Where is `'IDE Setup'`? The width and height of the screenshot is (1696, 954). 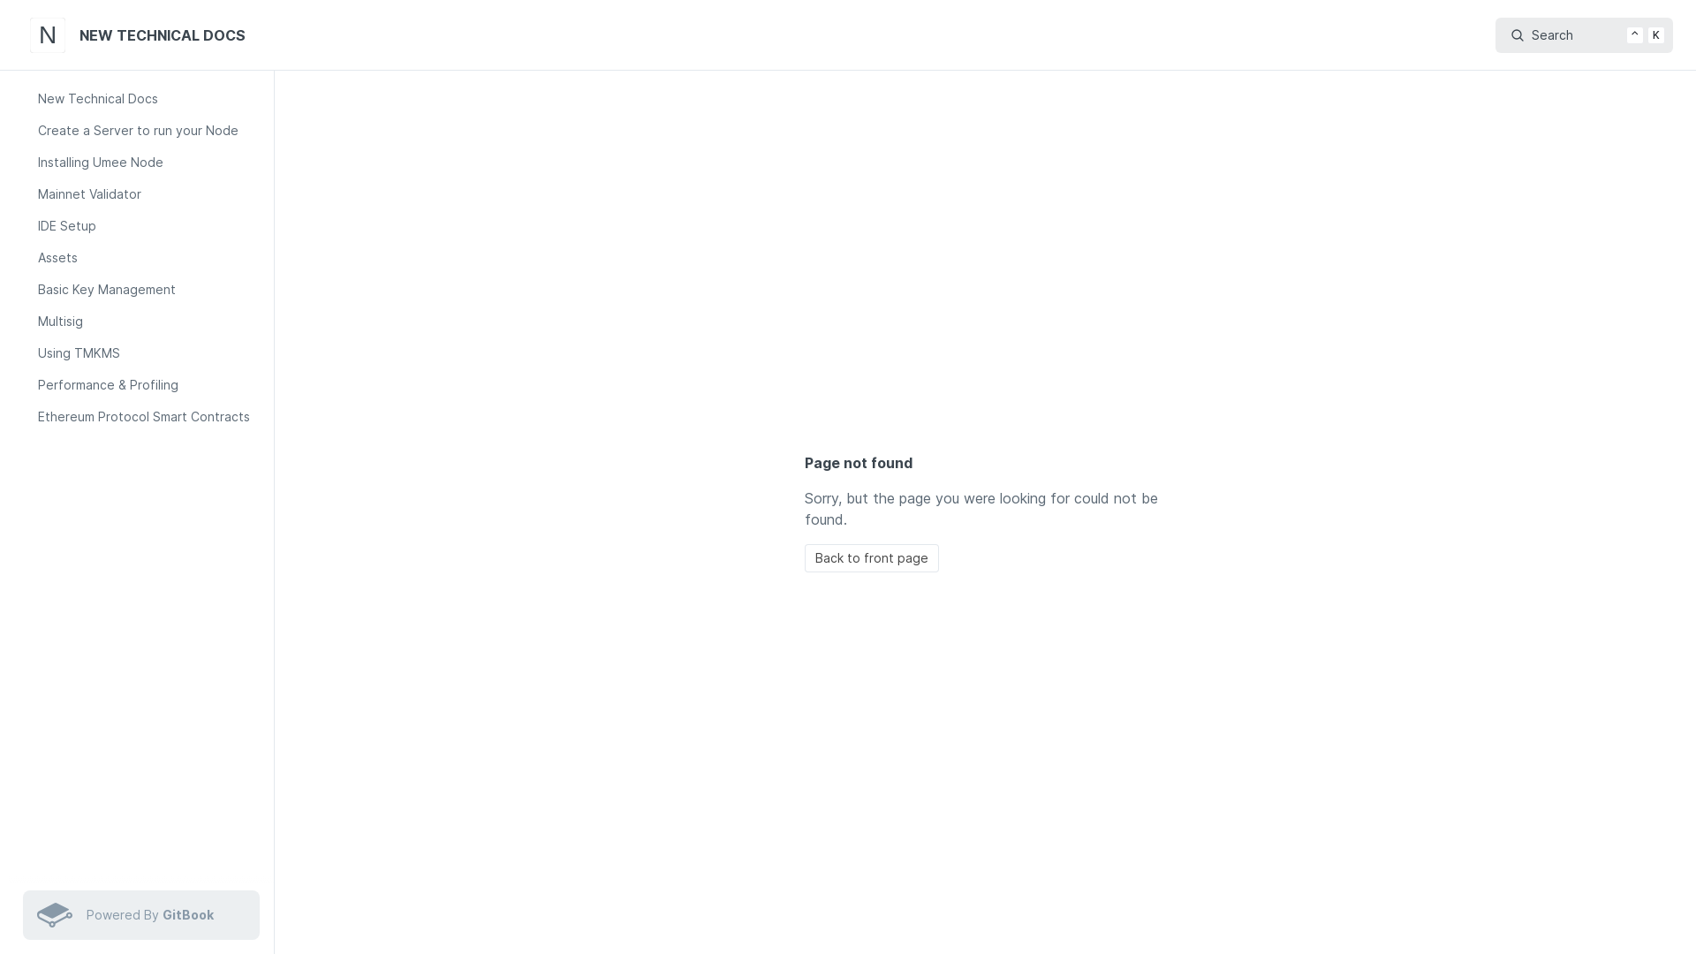
'IDE Setup' is located at coordinates (29, 224).